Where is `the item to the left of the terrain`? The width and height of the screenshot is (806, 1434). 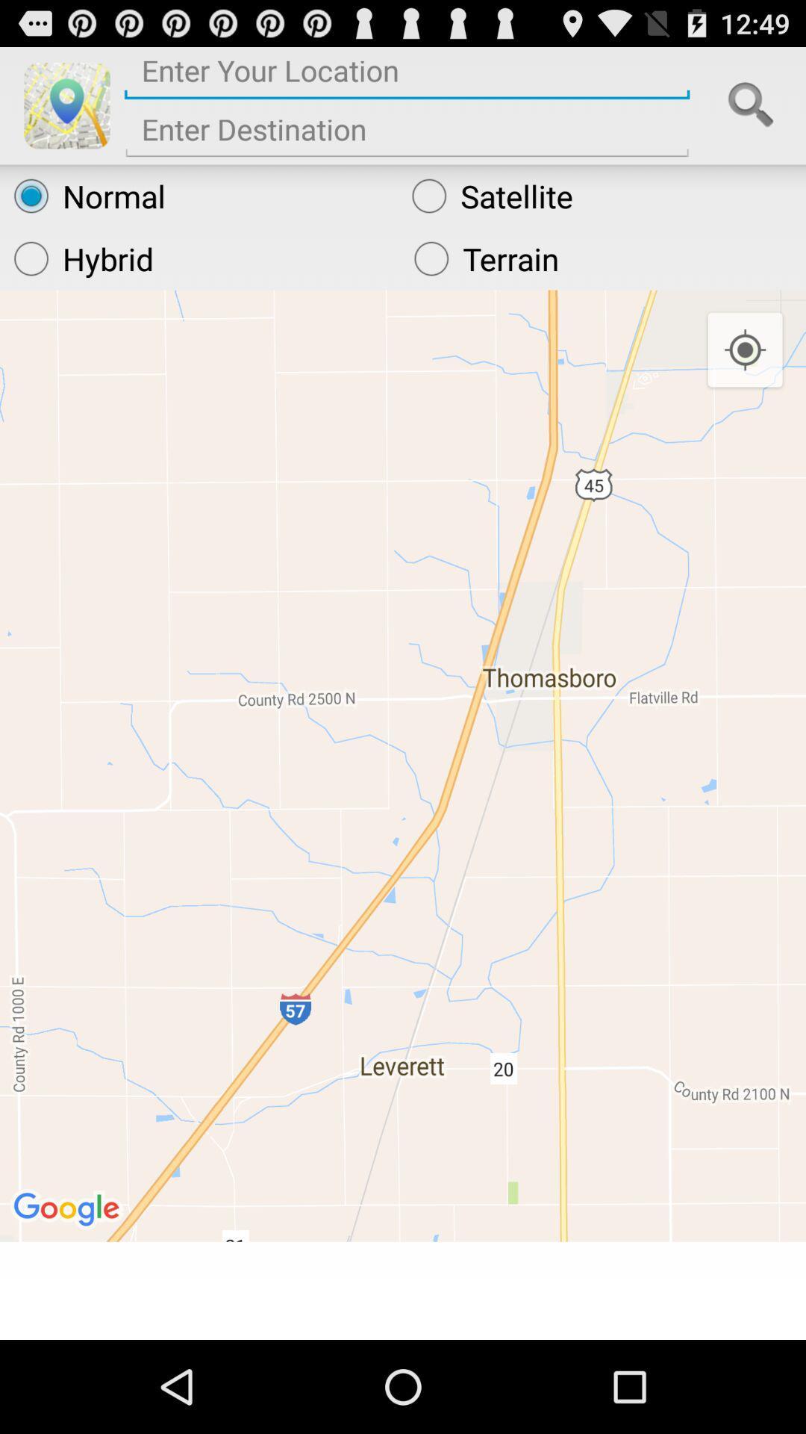 the item to the left of the terrain is located at coordinates (199, 258).